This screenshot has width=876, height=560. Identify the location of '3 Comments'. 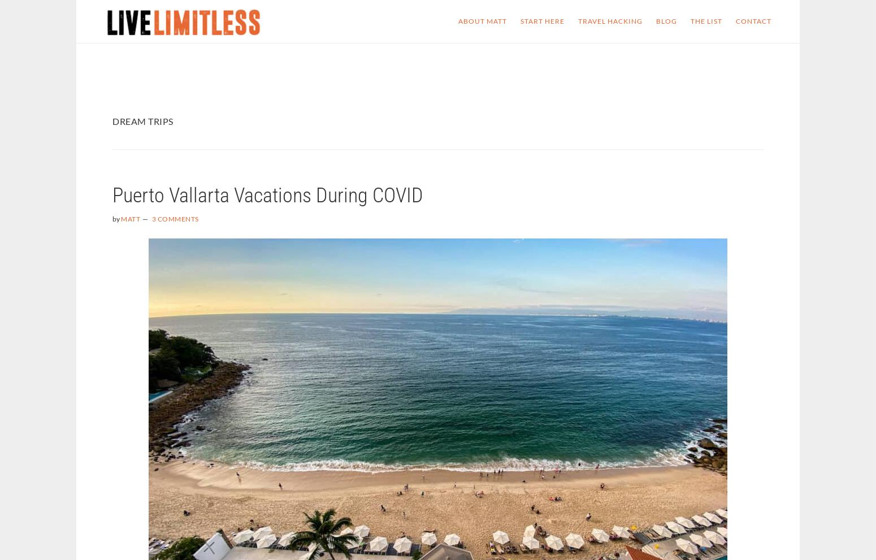
(151, 218).